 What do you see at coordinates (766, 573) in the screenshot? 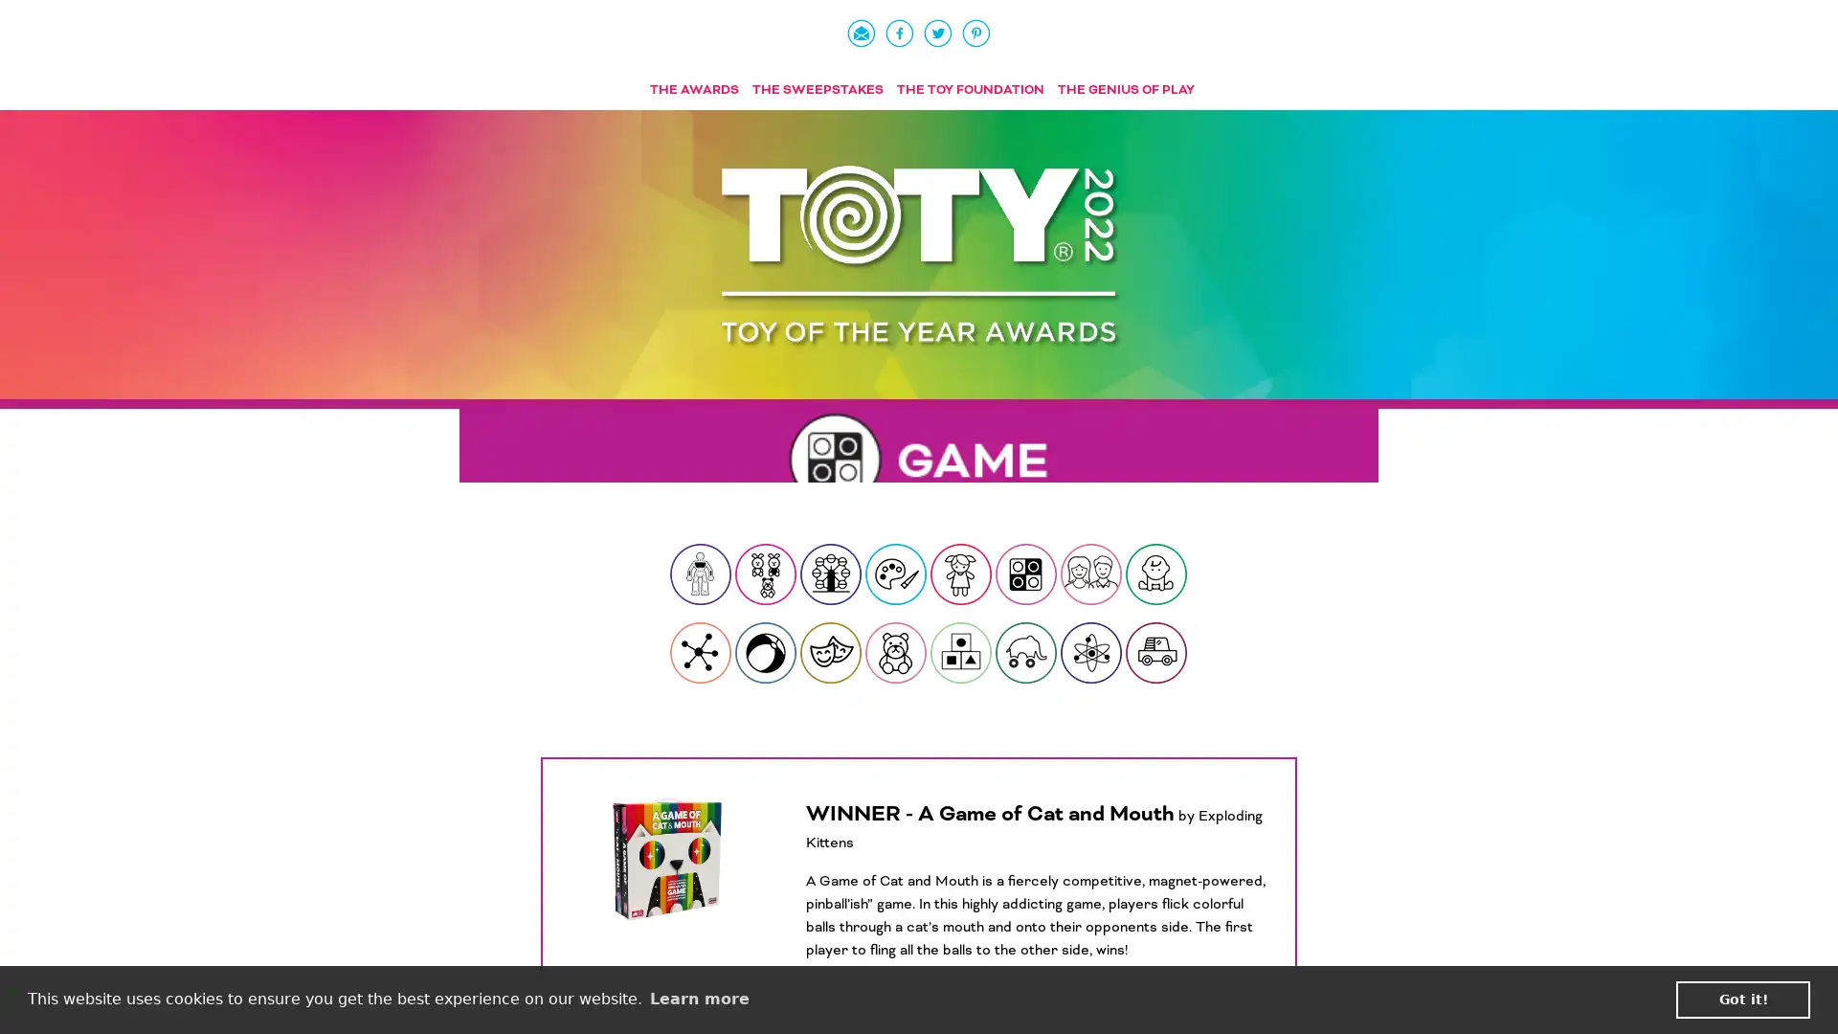
I see `Submit` at bounding box center [766, 573].